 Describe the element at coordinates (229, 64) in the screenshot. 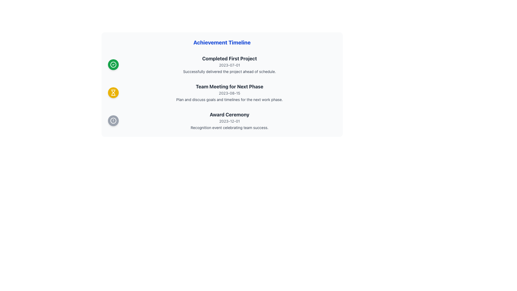

I see `details of the first achievement milestone 'Completed First Project' including the date '2023-07-01' and description 'Successfully delivered the project ahead of schedule.'` at that location.